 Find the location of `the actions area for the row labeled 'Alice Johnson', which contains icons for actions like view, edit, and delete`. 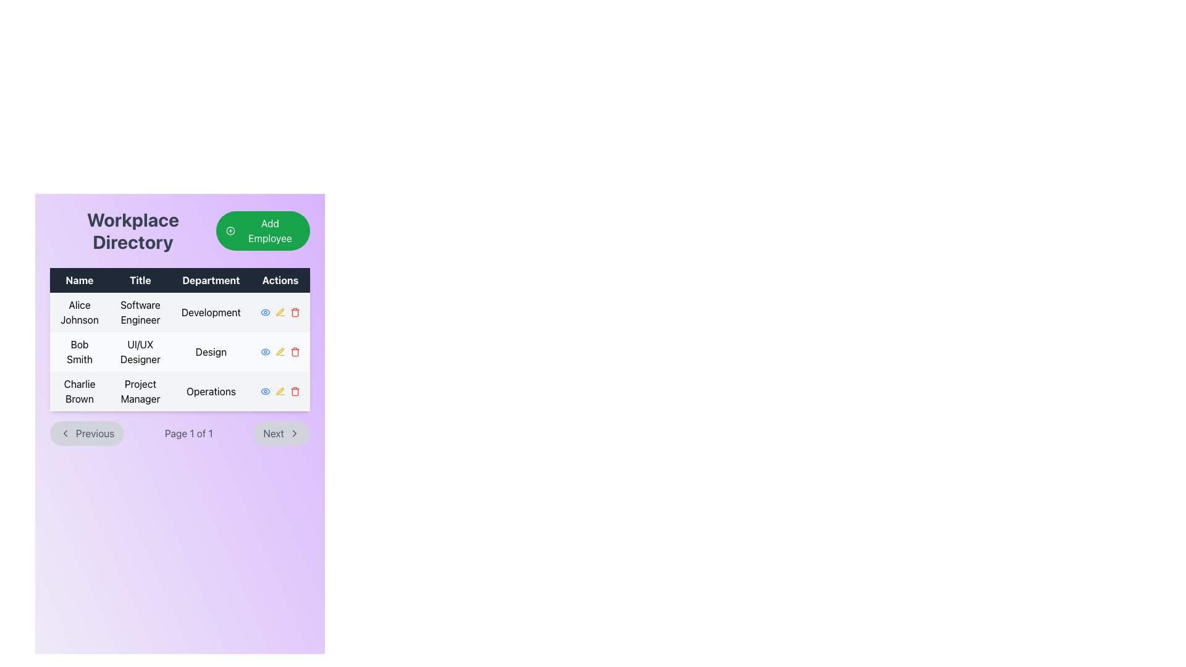

the actions area for the row labeled 'Alice Johnson', which contains icons for actions like view, edit, and delete is located at coordinates (280, 311).